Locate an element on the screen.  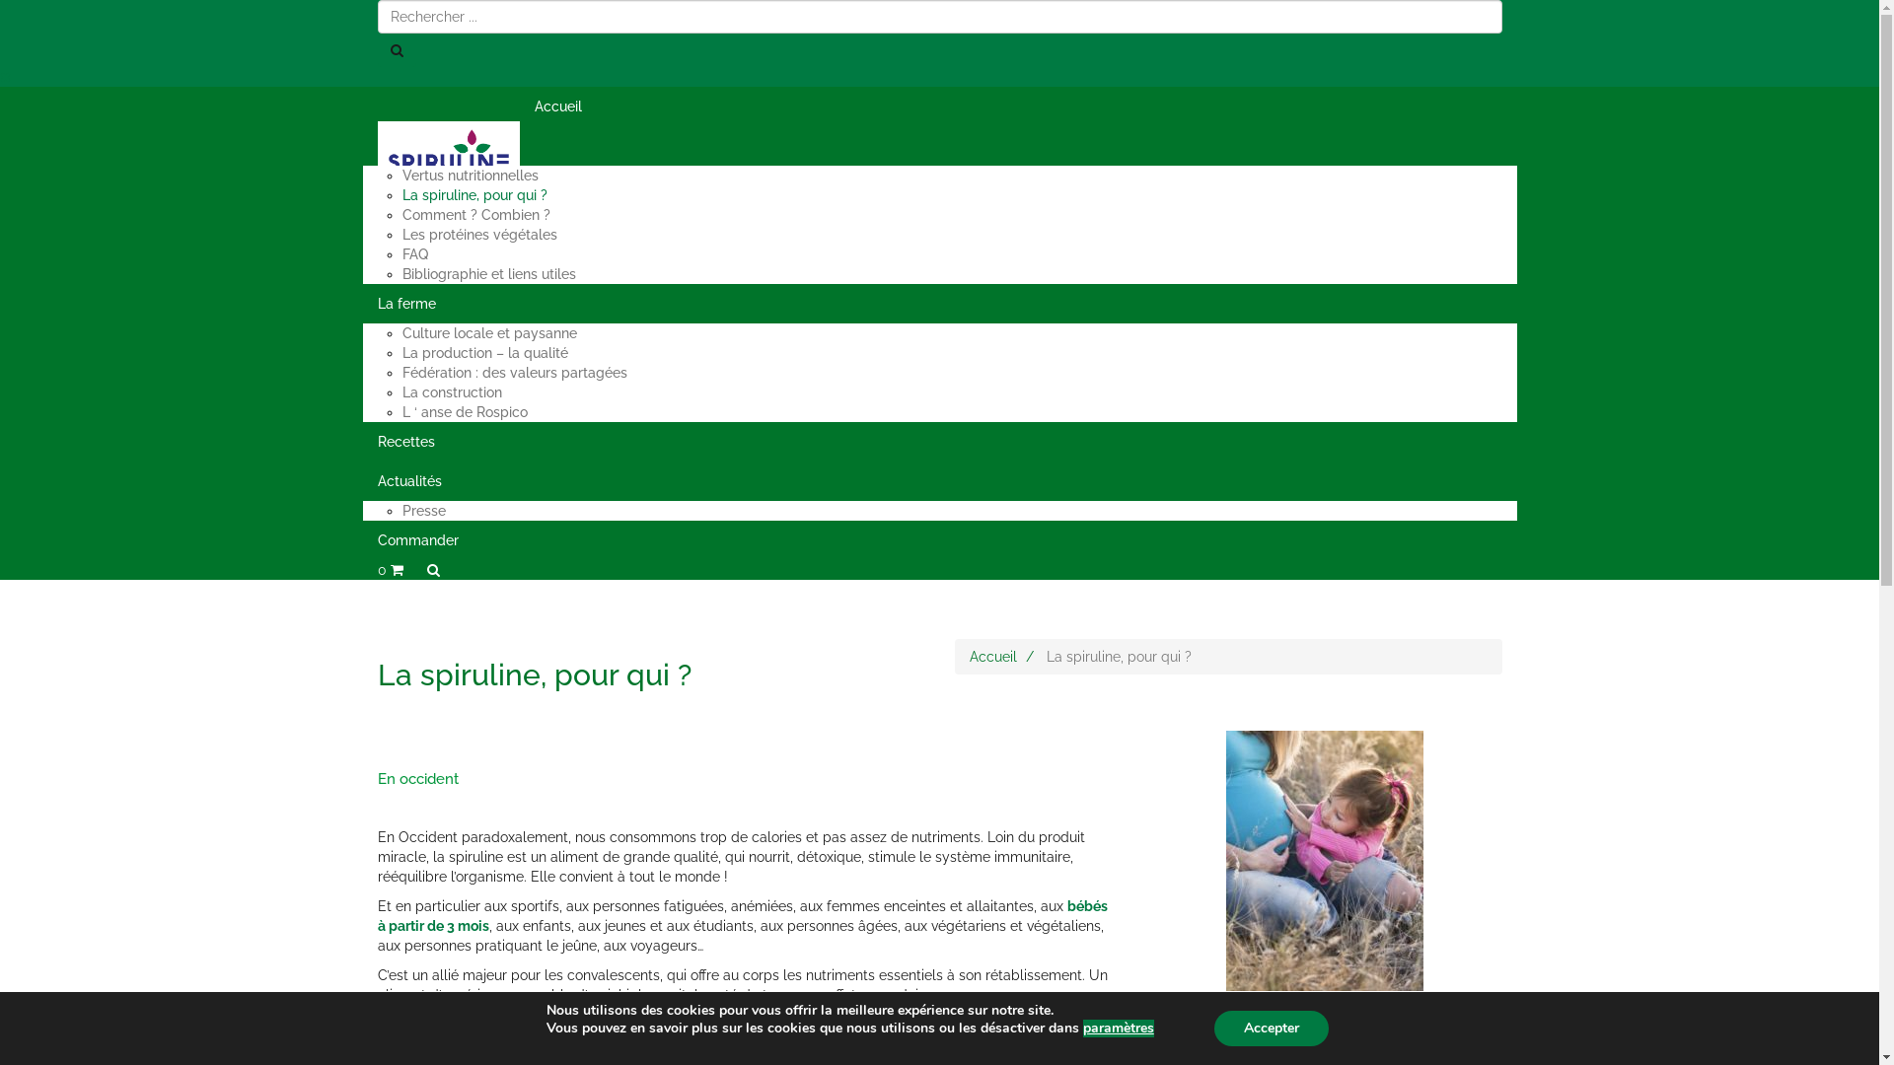
'0' is located at coordinates (389, 570).